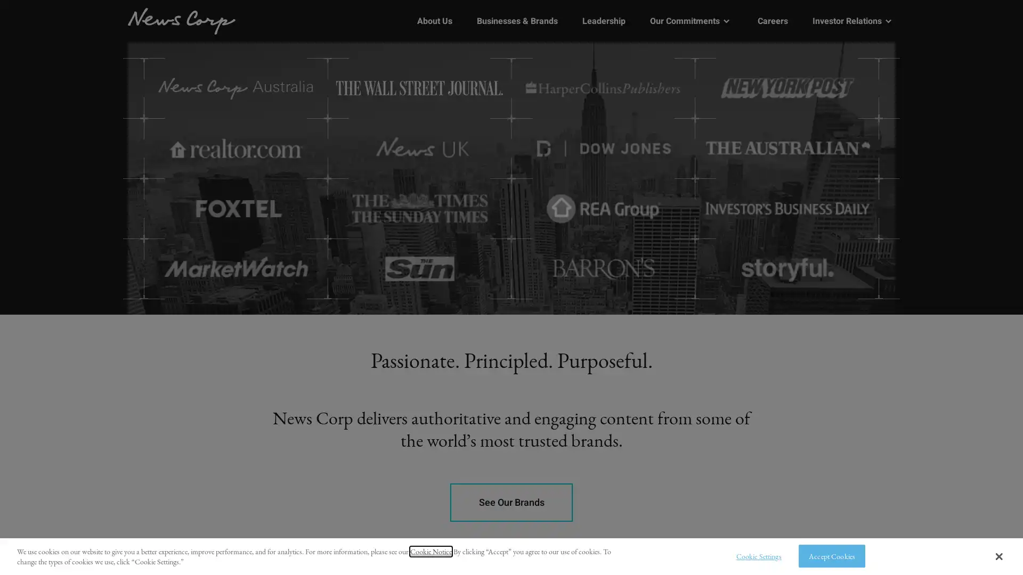 This screenshot has height=575, width=1023. I want to click on Cookie Settings, so click(755, 555).